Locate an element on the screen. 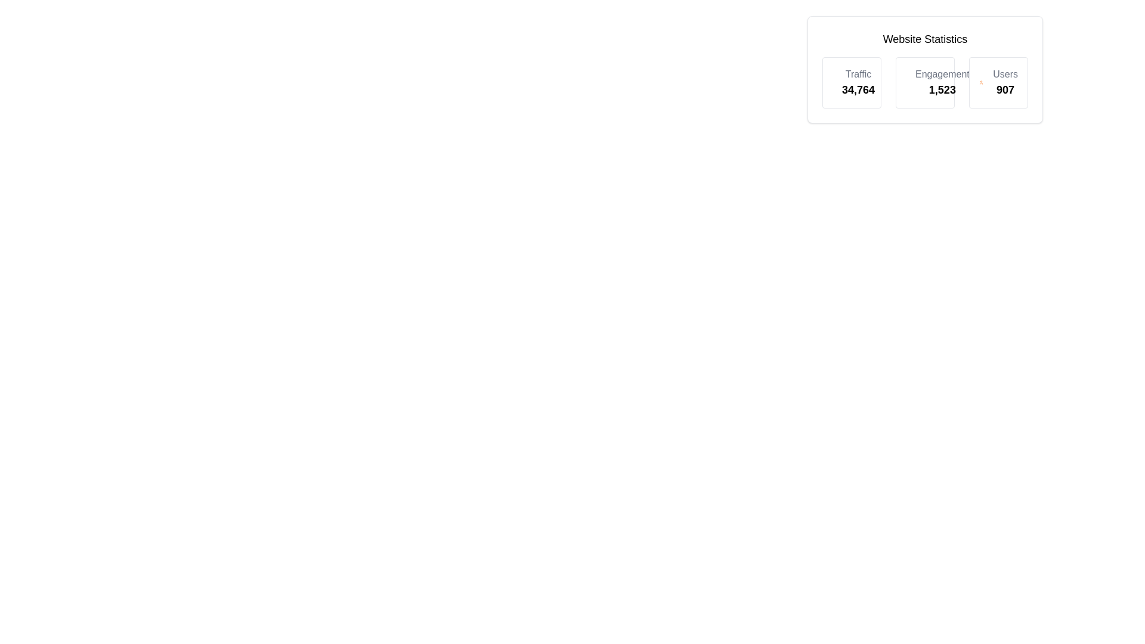 The image size is (1145, 644). the Text element displaying engagement statistics value, located in the statistics card below 'Website Statistics' and between 'Traffic' and 'Users' cards is located at coordinates (942, 82).